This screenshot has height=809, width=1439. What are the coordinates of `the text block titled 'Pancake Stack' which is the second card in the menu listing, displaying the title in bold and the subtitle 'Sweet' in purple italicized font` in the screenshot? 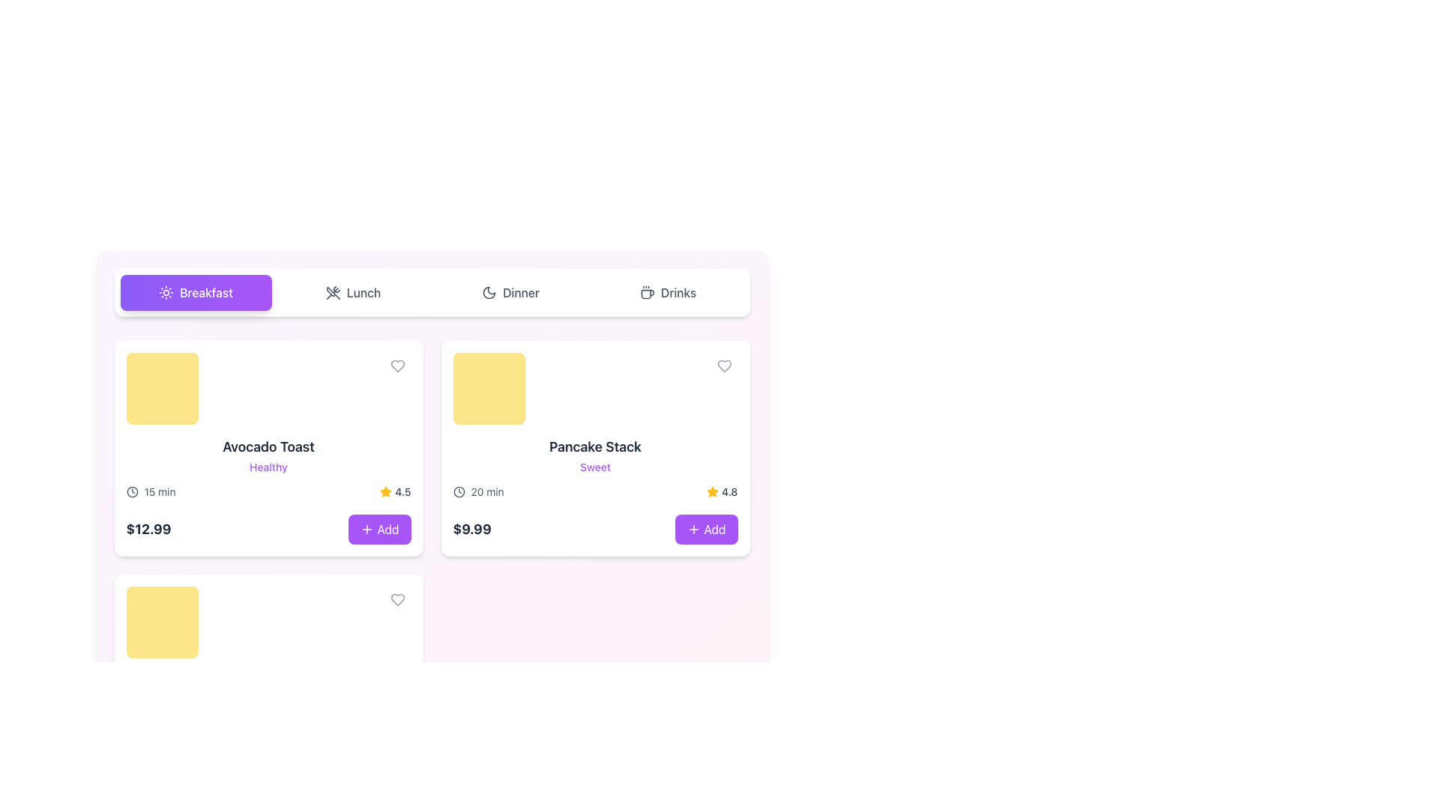 It's located at (594, 455).